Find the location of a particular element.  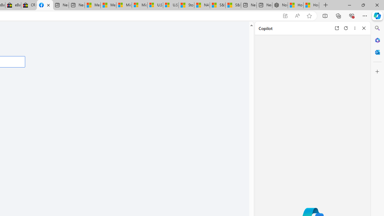

'eBay Inc. Reports Third Quarter 2023 Results' is located at coordinates (13, 5).